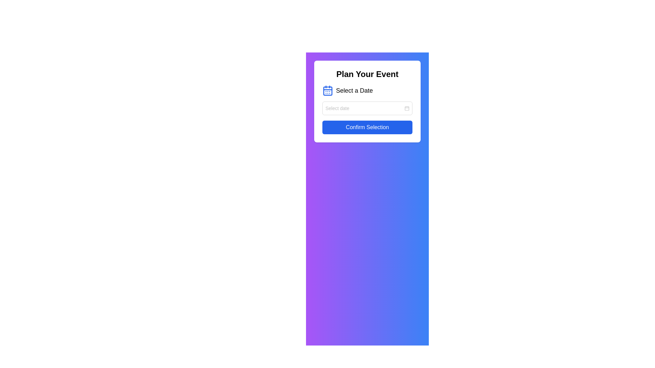  What do you see at coordinates (367, 90) in the screenshot?
I see `the label that includes a blue calendar icon and the text 'Select a Date', situated below the title 'Plan Your Event' and above the date input field` at bounding box center [367, 90].